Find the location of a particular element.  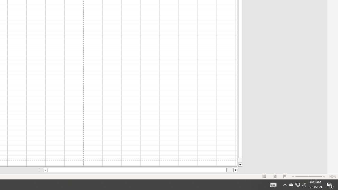

'Line down' is located at coordinates (240, 164).